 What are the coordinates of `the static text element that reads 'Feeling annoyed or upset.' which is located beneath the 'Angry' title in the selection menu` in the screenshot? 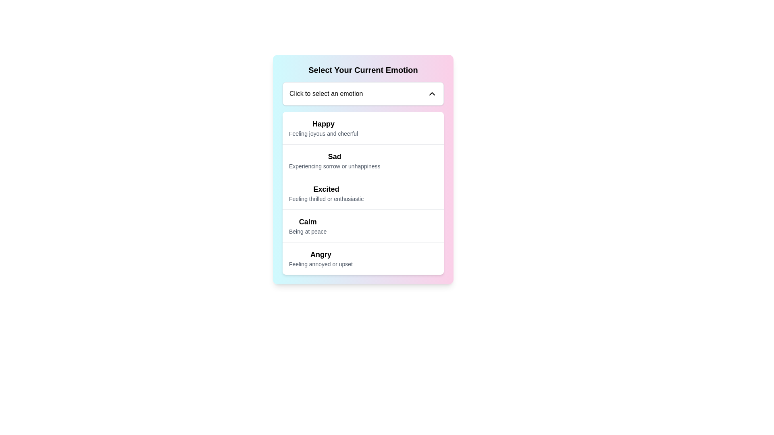 It's located at (320, 264).